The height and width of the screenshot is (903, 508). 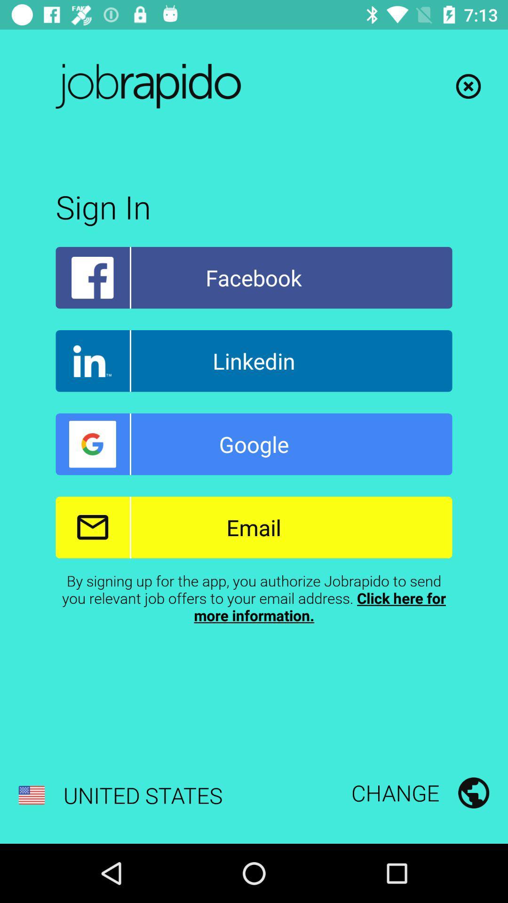 What do you see at coordinates (254, 597) in the screenshot?
I see `the by signing up` at bounding box center [254, 597].